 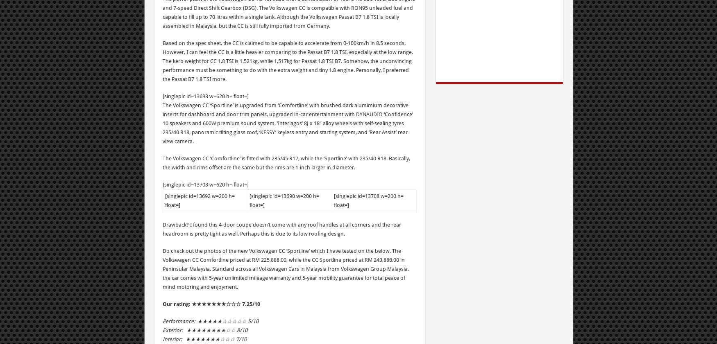 I want to click on 'The Volkswagen CC ‘Sportline’ is upgraded from ‘Comfortline’ with brushed dark alumimium decorative inserts for dashboard and door trim panels, upgraded in-car entertainment with DYNAUDIO ‘Confidence’ 10 speakers and 600W premium sound system, ‘Interlagos’ 8J x 18” alloy wheels with self-sealing tyres 235/40 R18, panoramic tilting glass roof, ‘KESSY’ keyless entry and starting system, and ‘Rear Assist’ rear view camera.', so click(x=162, y=123).